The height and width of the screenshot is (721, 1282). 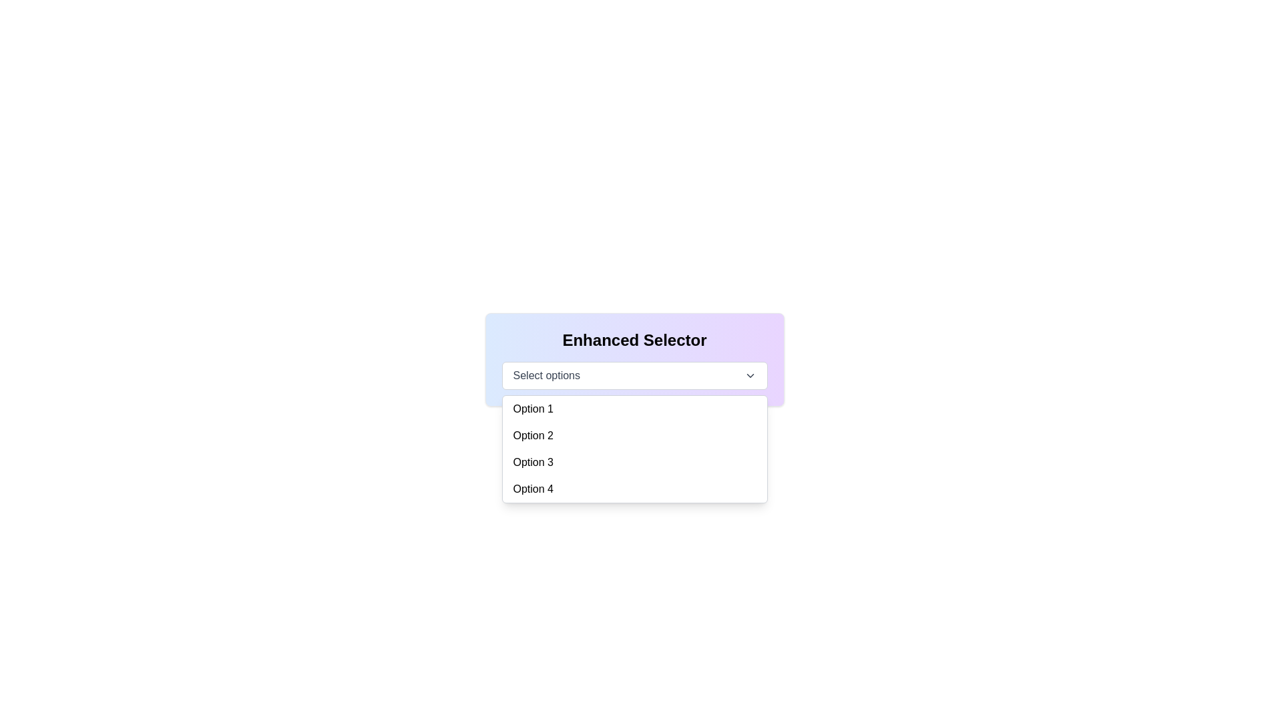 What do you see at coordinates (634, 359) in the screenshot?
I see `the dropdown menu located in the center section below the bold header` at bounding box center [634, 359].